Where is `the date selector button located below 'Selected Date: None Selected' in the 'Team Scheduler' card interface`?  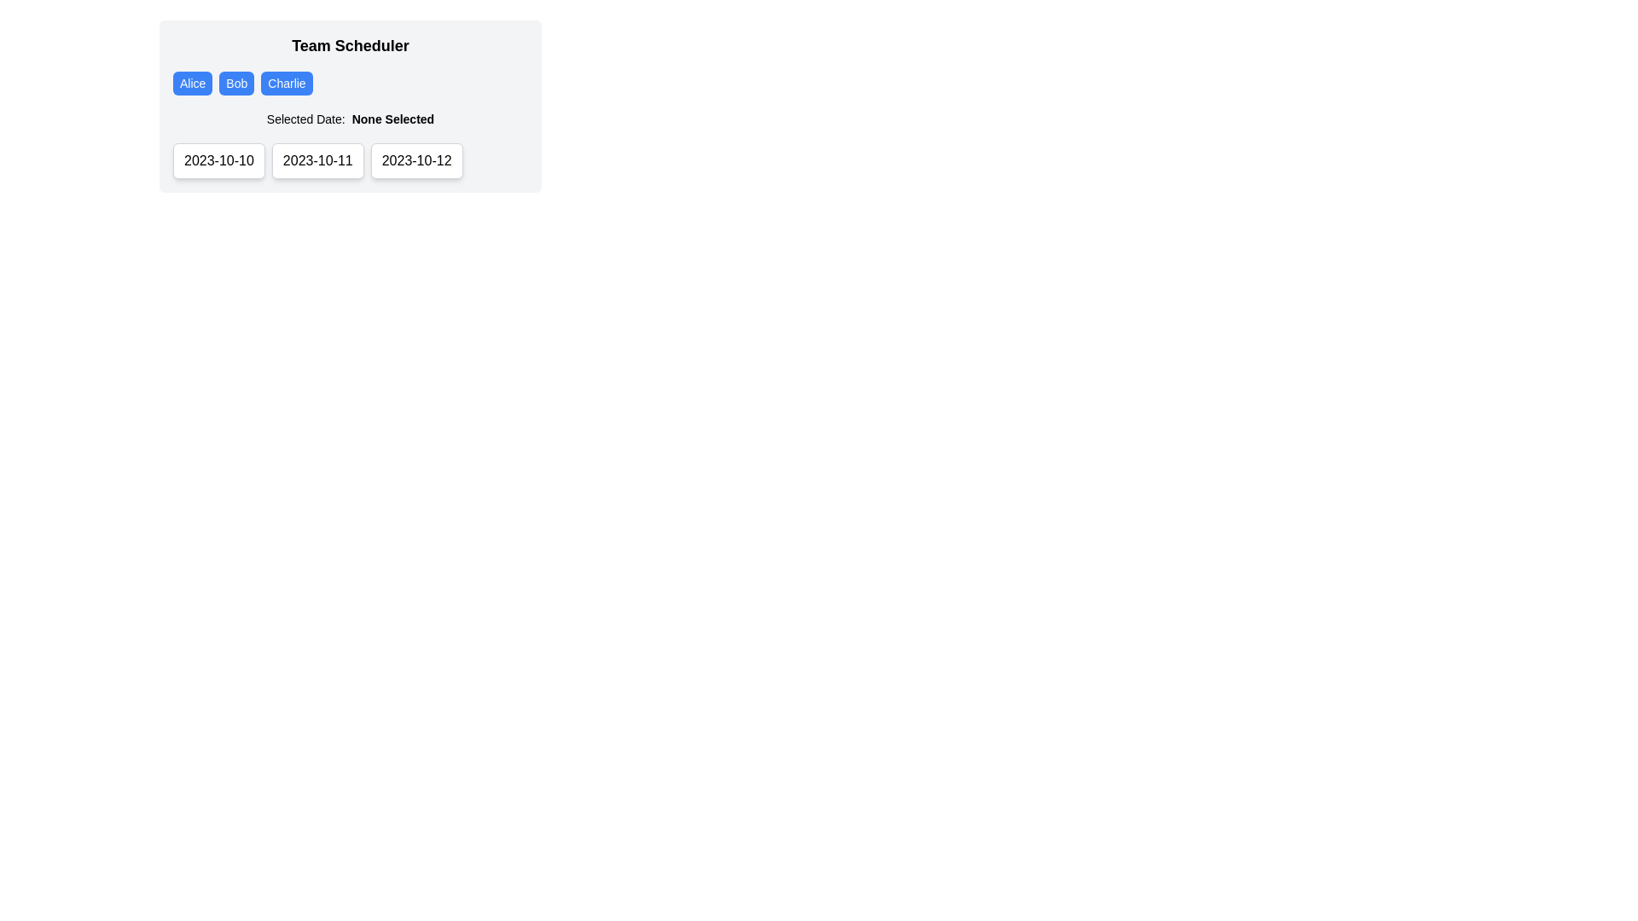 the date selector button located below 'Selected Date: None Selected' in the 'Team Scheduler' card interface is located at coordinates (416, 161).